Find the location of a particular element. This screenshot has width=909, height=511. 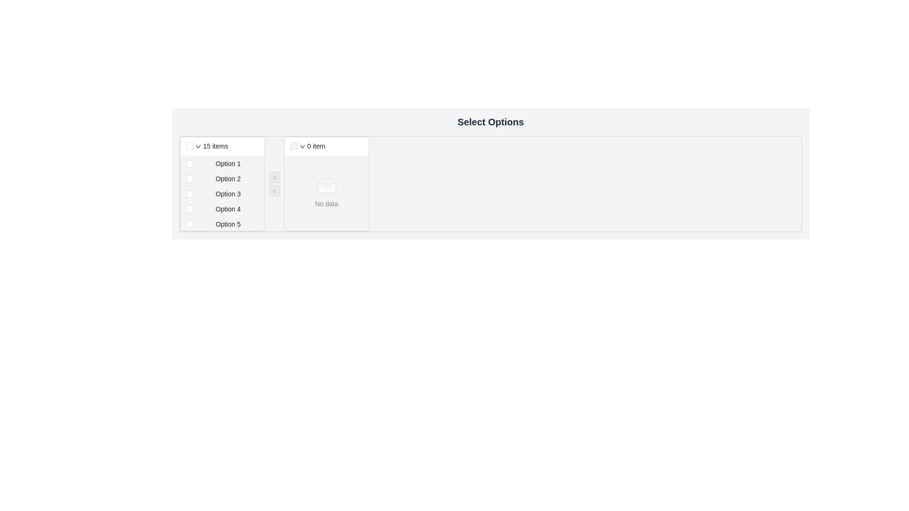

the disabled checkbox located to the left of the label displaying '0 item' in the header row of the list component is located at coordinates (293, 146).